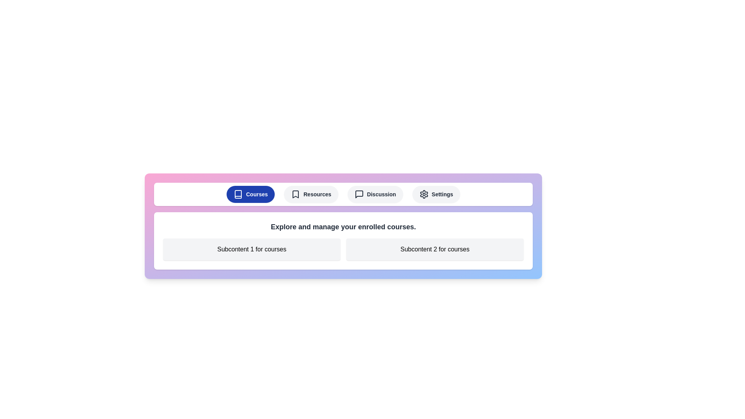  Describe the element at coordinates (359, 194) in the screenshot. I see `the 'Discussion' icon located in the navigation bar at the top of the central widget section` at that location.